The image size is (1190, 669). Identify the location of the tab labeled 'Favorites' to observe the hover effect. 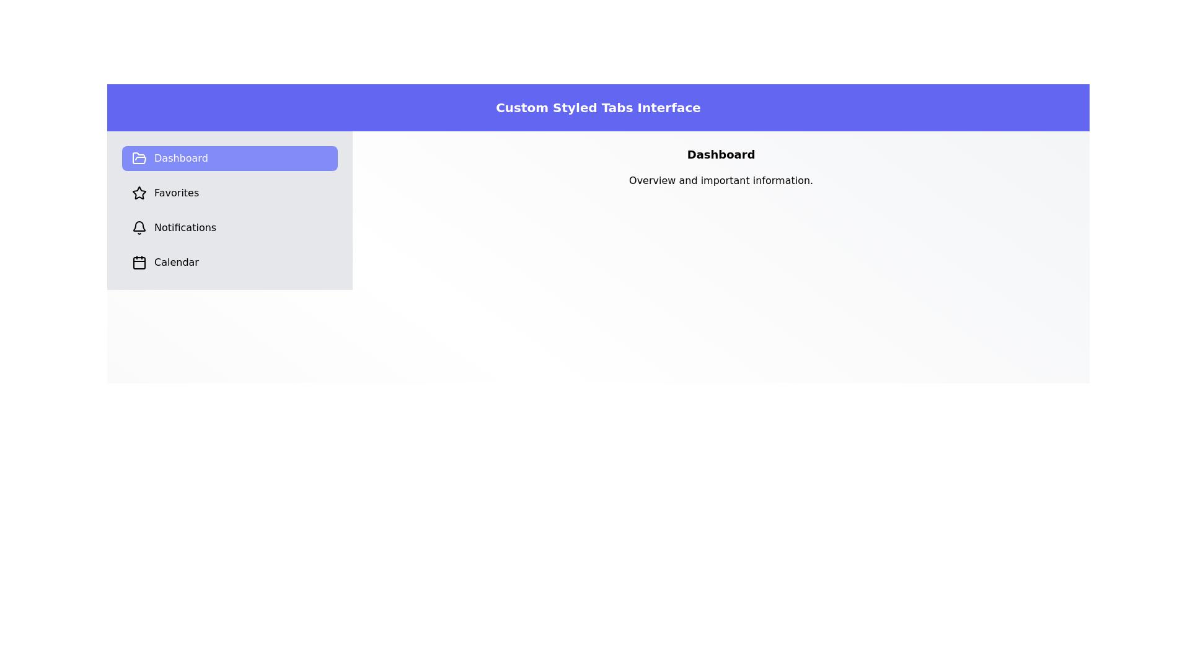
(230, 193).